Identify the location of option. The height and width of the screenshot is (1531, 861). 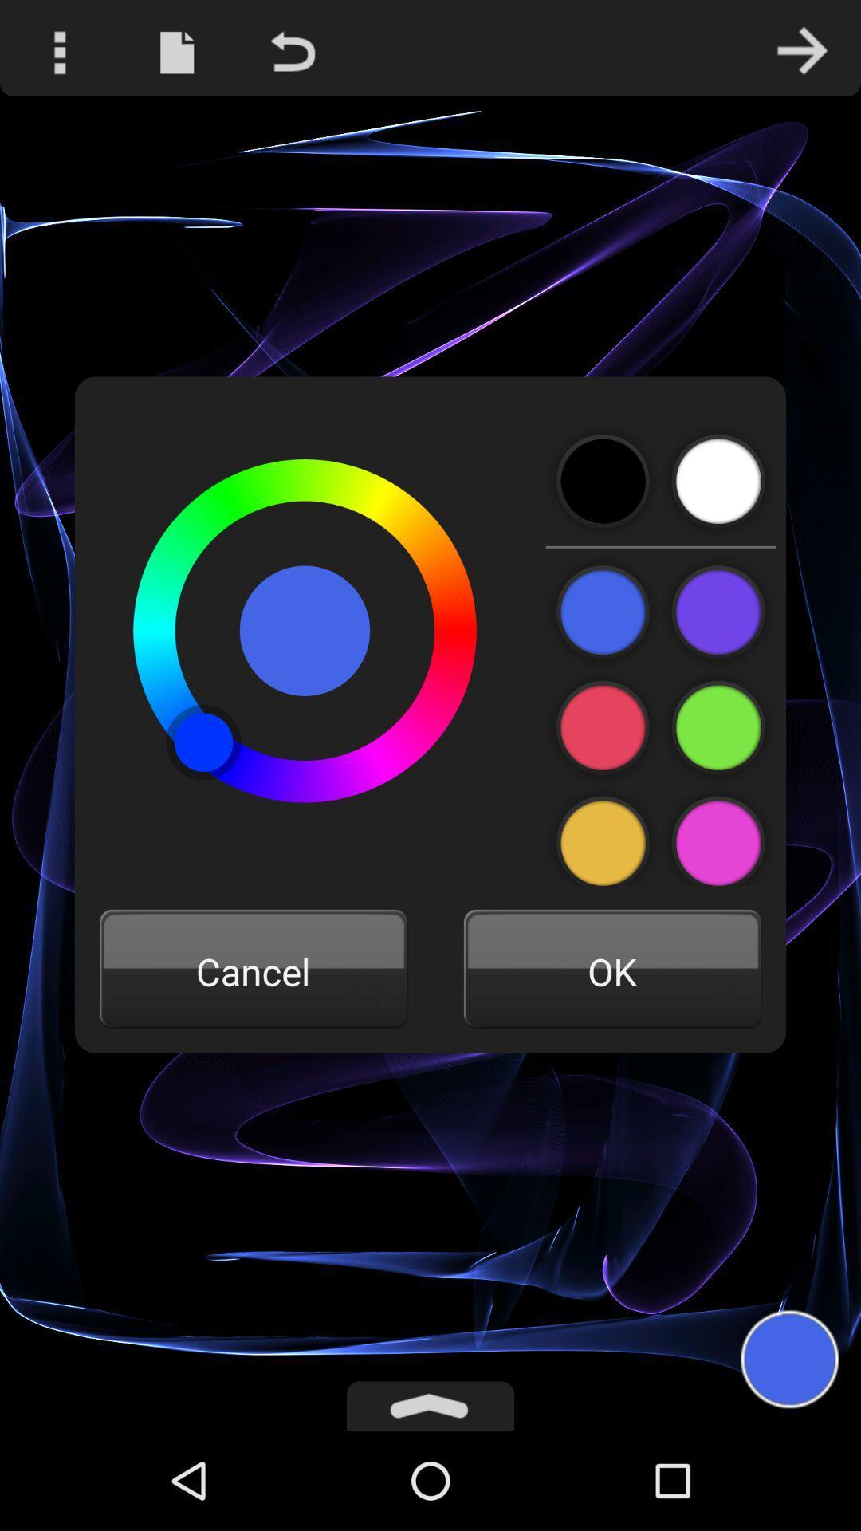
(603, 612).